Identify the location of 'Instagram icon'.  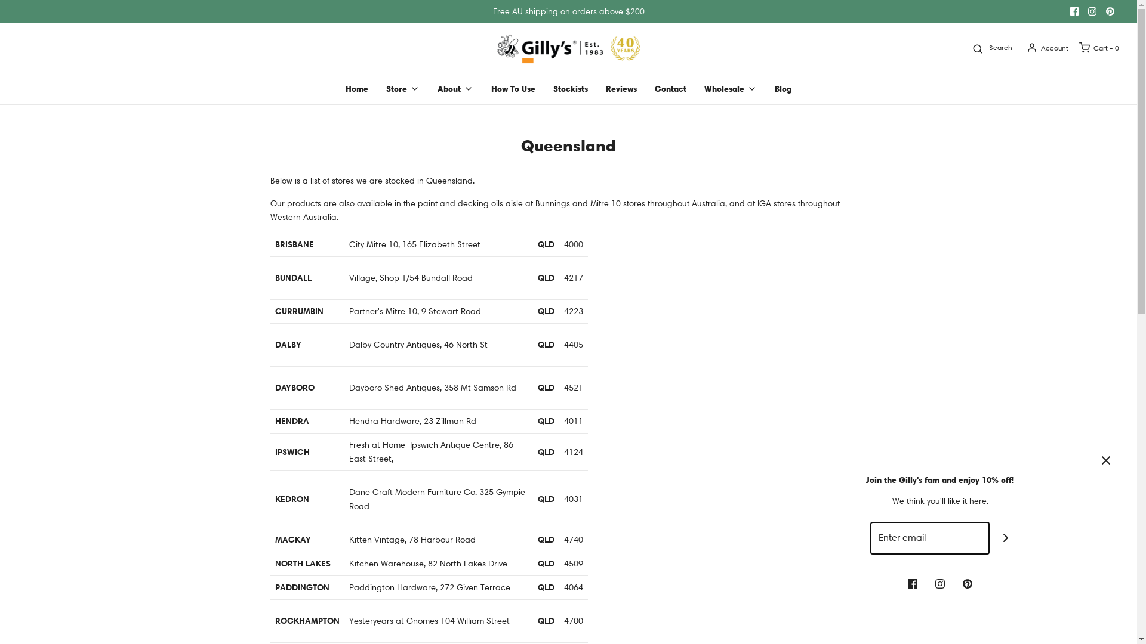
(934, 581).